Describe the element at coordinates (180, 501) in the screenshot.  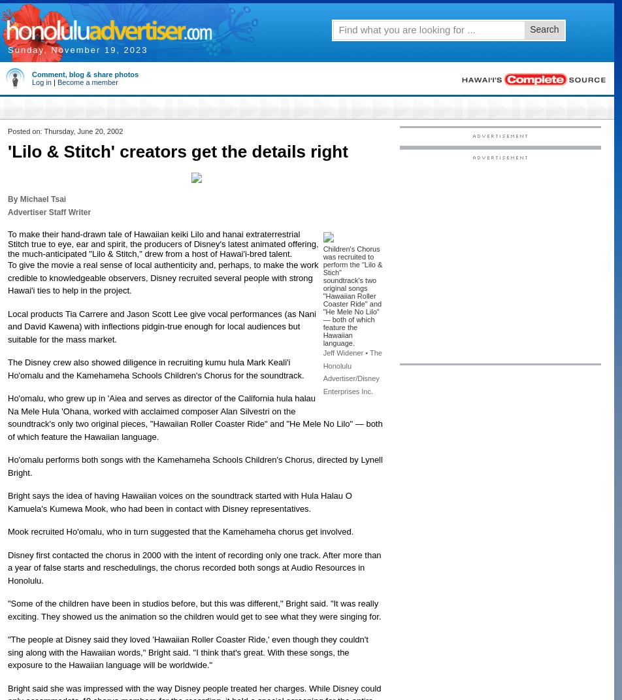
I see `'Bright says the idea of having Hawaiian voices on the soundtrack started with Hula Halau O Kamuela's Kumewa Mook, who had been in contact with Disney representatives.'` at that location.